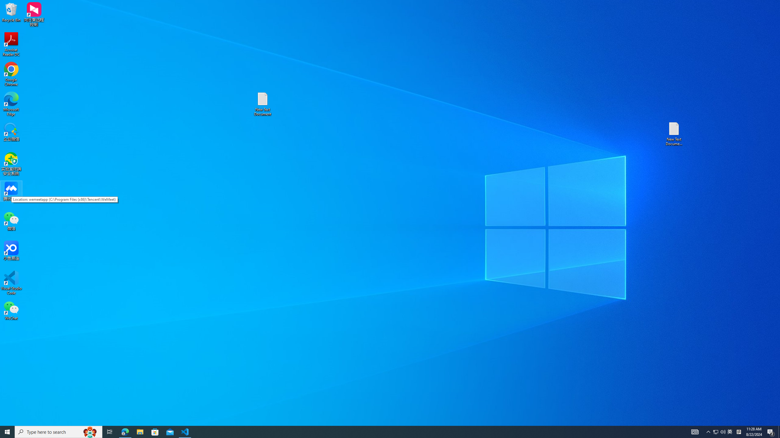  What do you see at coordinates (185, 431) in the screenshot?
I see `'Visual Studio Code - 1 running window'` at bounding box center [185, 431].